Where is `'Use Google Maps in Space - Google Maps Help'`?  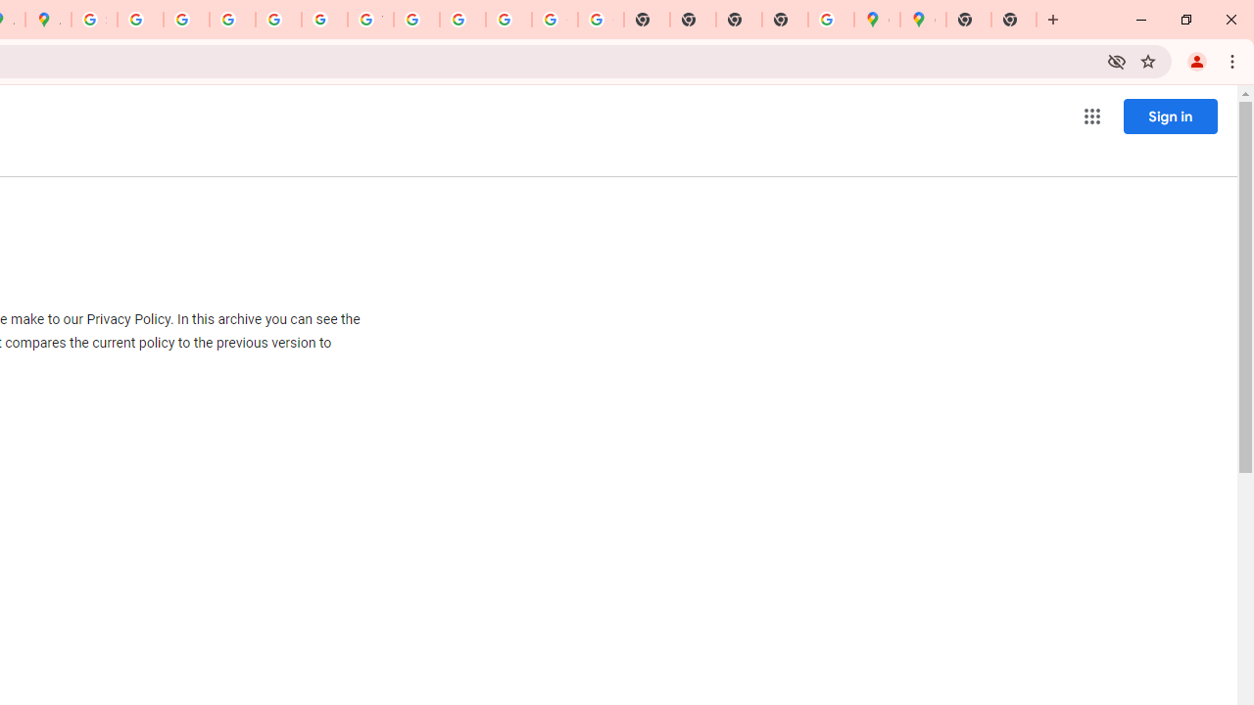 'Use Google Maps in Space - Google Maps Help' is located at coordinates (831, 20).